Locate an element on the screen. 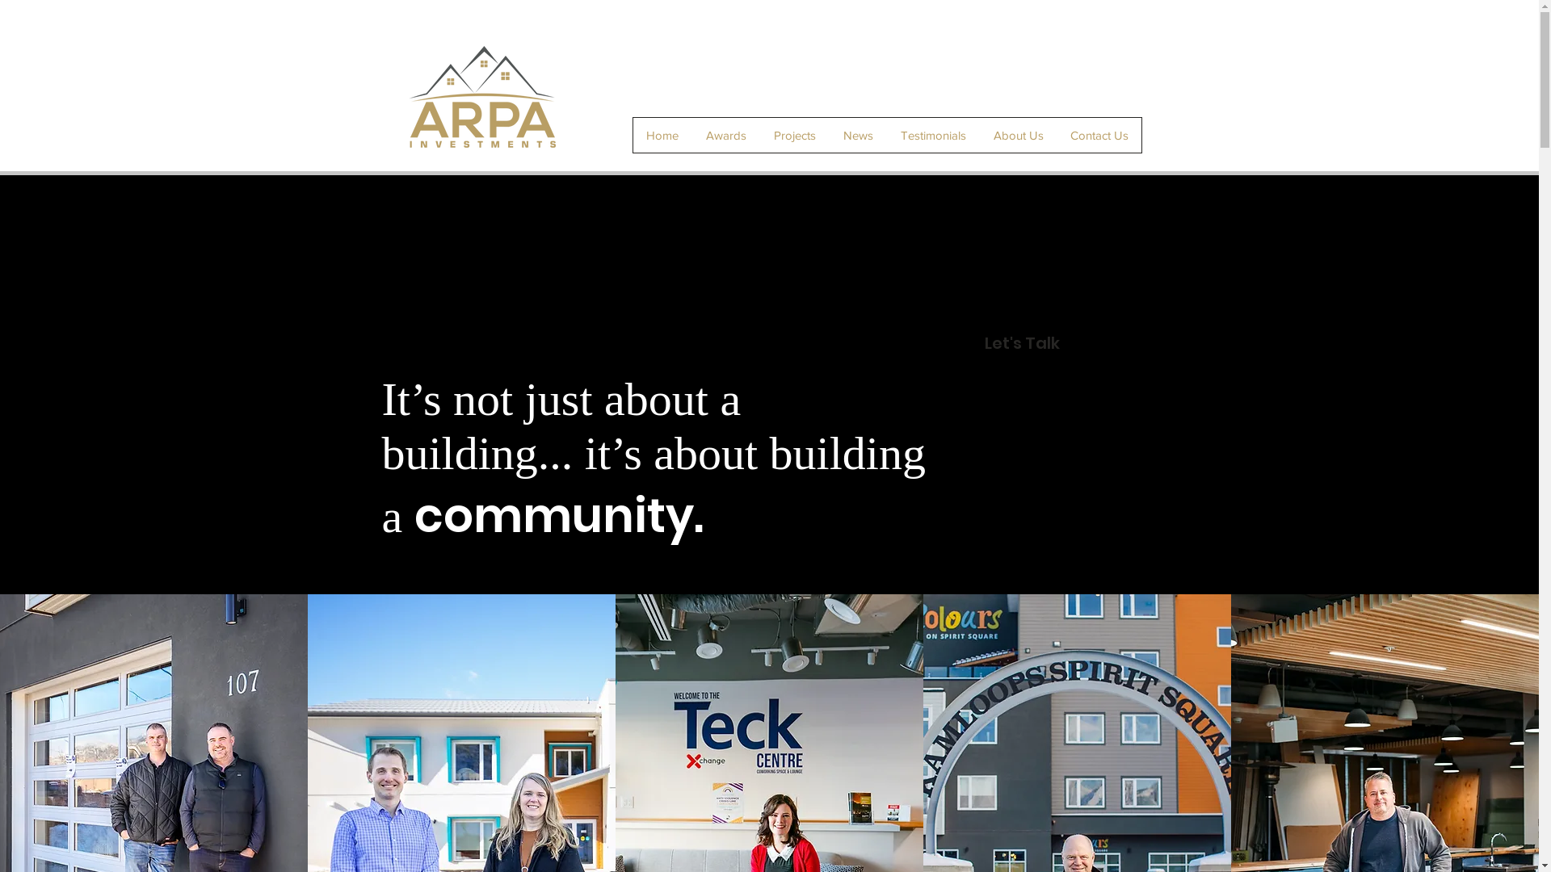 The width and height of the screenshot is (1551, 872). 'Projects' is located at coordinates (794, 134).